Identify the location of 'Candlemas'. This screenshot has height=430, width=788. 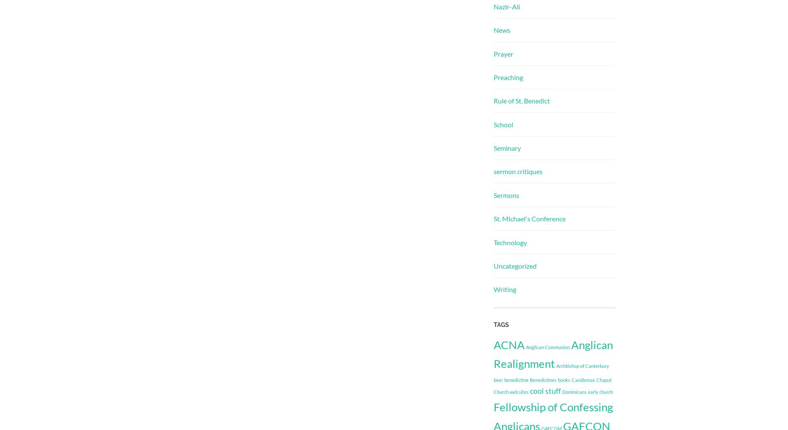
(583, 379).